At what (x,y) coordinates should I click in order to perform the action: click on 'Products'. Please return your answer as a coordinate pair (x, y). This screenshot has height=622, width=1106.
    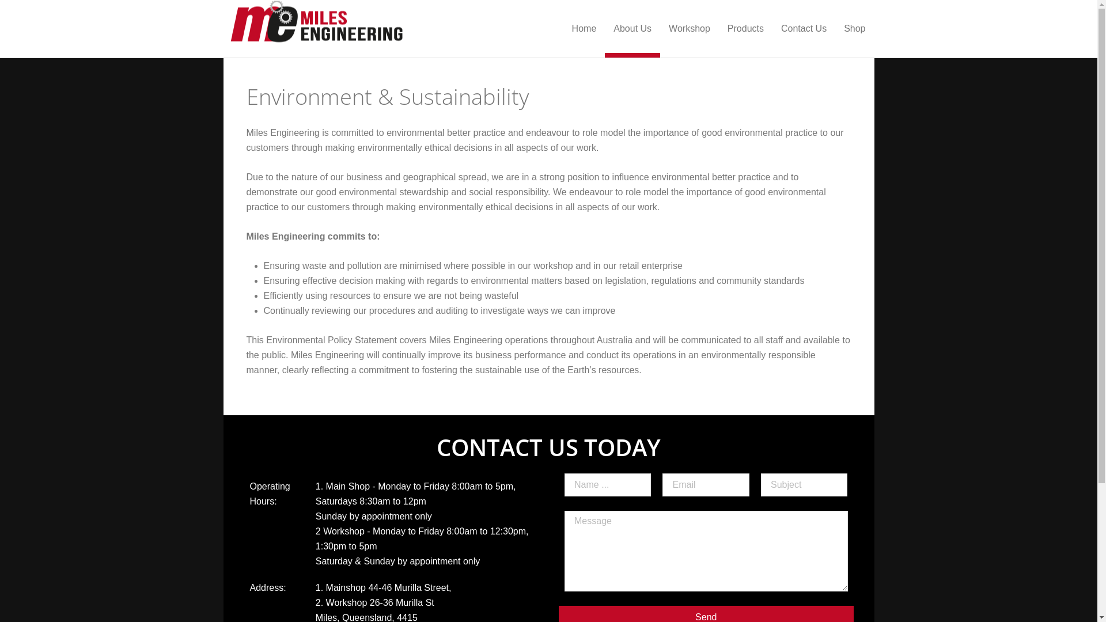
    Looking at the image, I should click on (745, 28).